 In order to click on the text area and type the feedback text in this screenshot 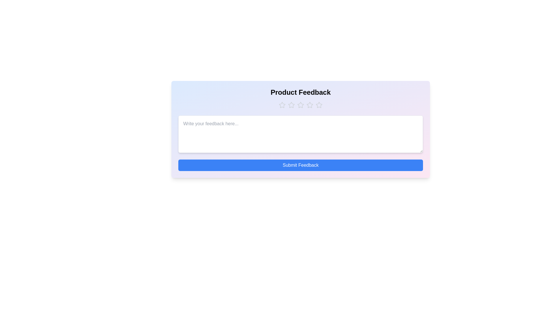, I will do `click(300, 134)`.